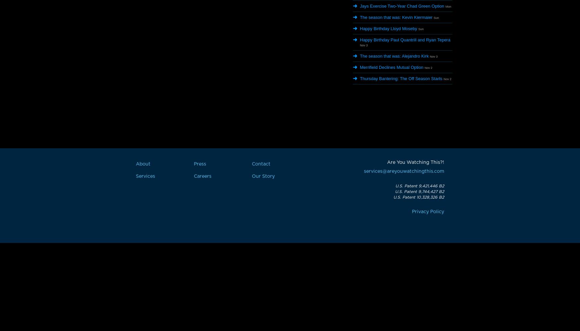 The width and height of the screenshot is (580, 331). I want to click on 'Happy Birthday Lloyd Moseby', so click(388, 28).